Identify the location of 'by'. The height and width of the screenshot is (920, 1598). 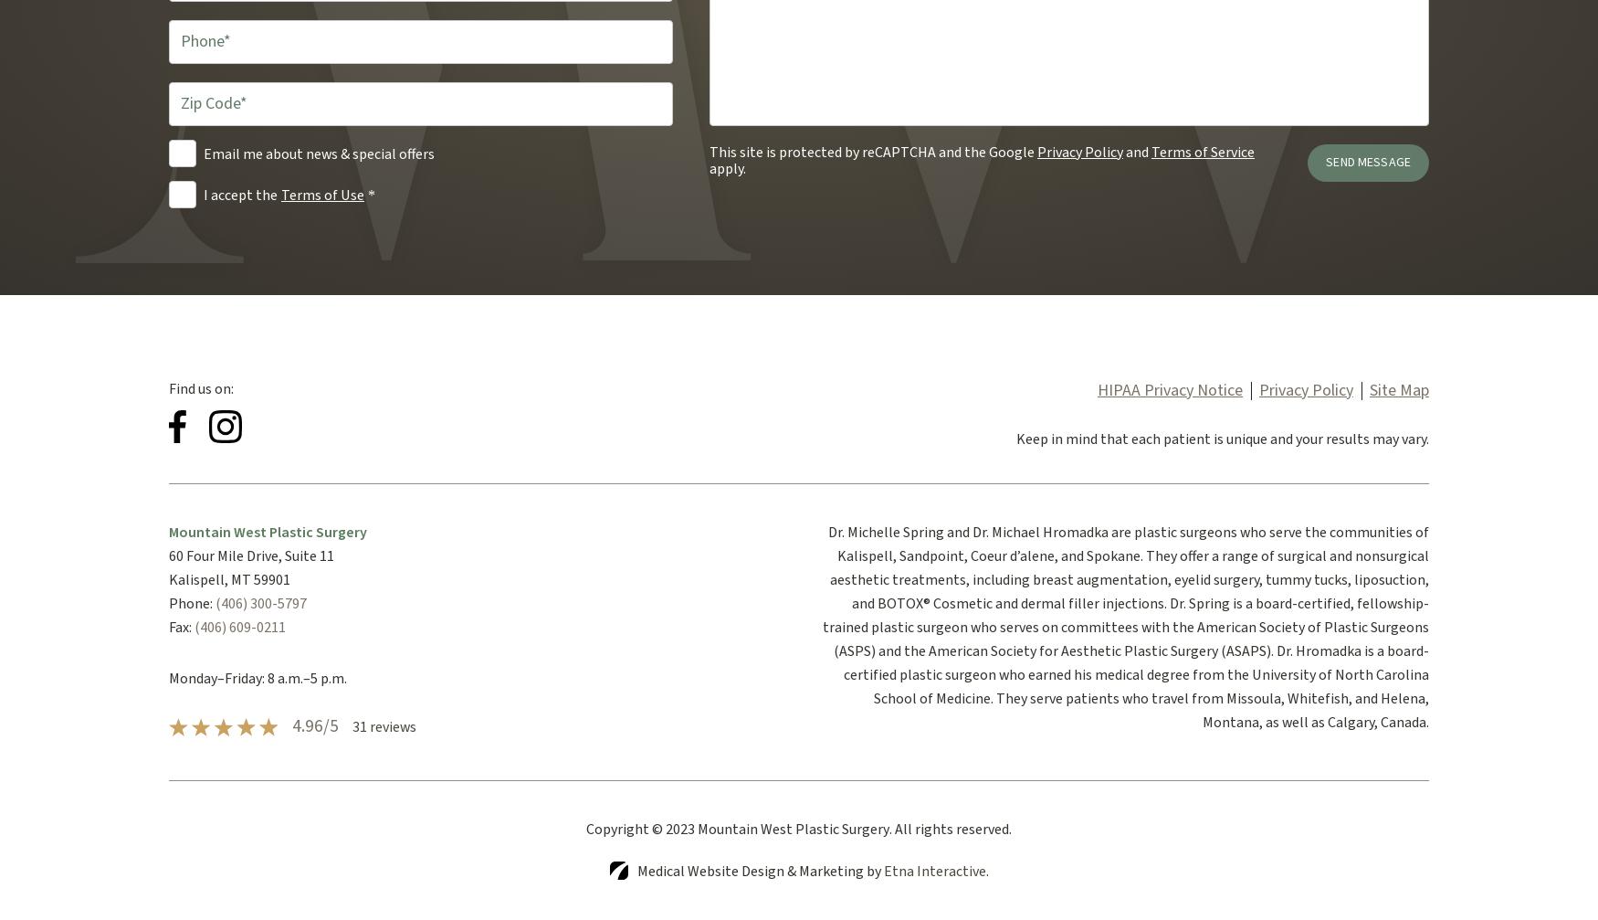
(874, 870).